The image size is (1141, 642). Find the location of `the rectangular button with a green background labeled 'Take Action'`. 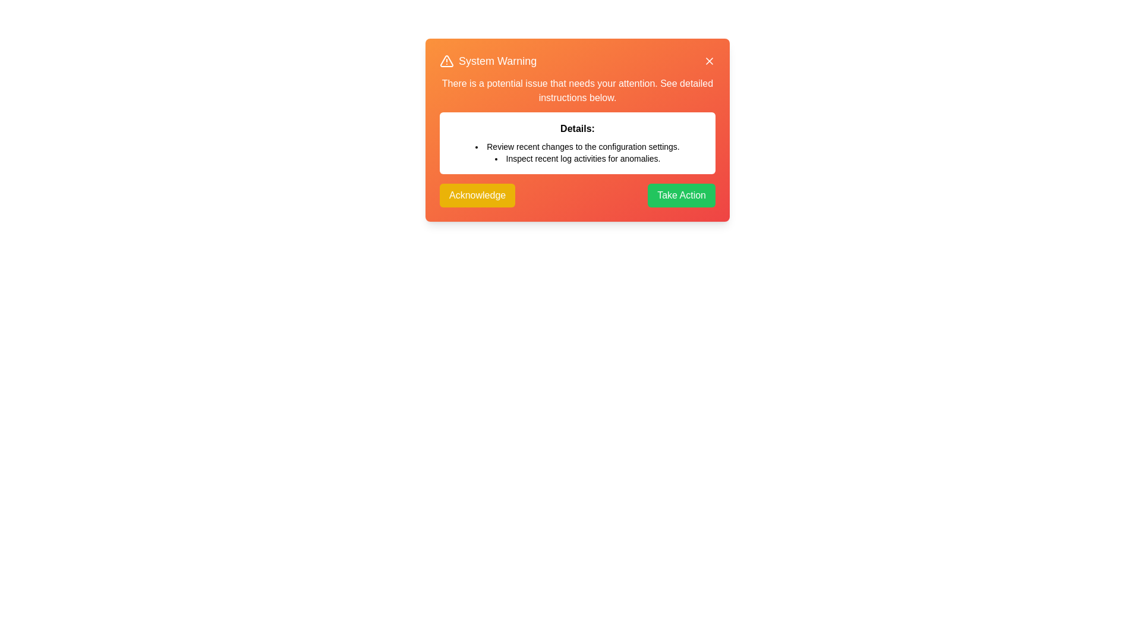

the rectangular button with a green background labeled 'Take Action' is located at coordinates (682, 194).